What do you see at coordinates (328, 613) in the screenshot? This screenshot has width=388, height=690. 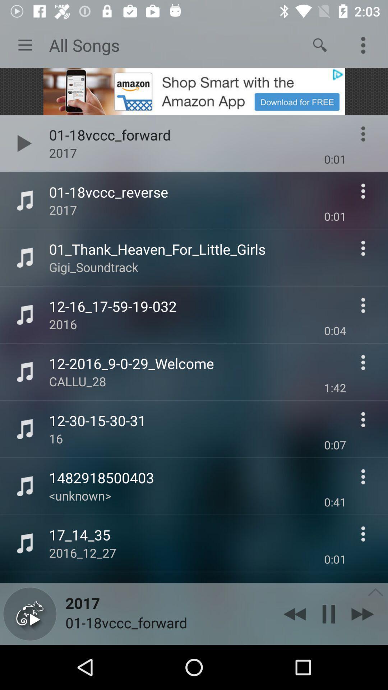 I see `the pause icon` at bounding box center [328, 613].